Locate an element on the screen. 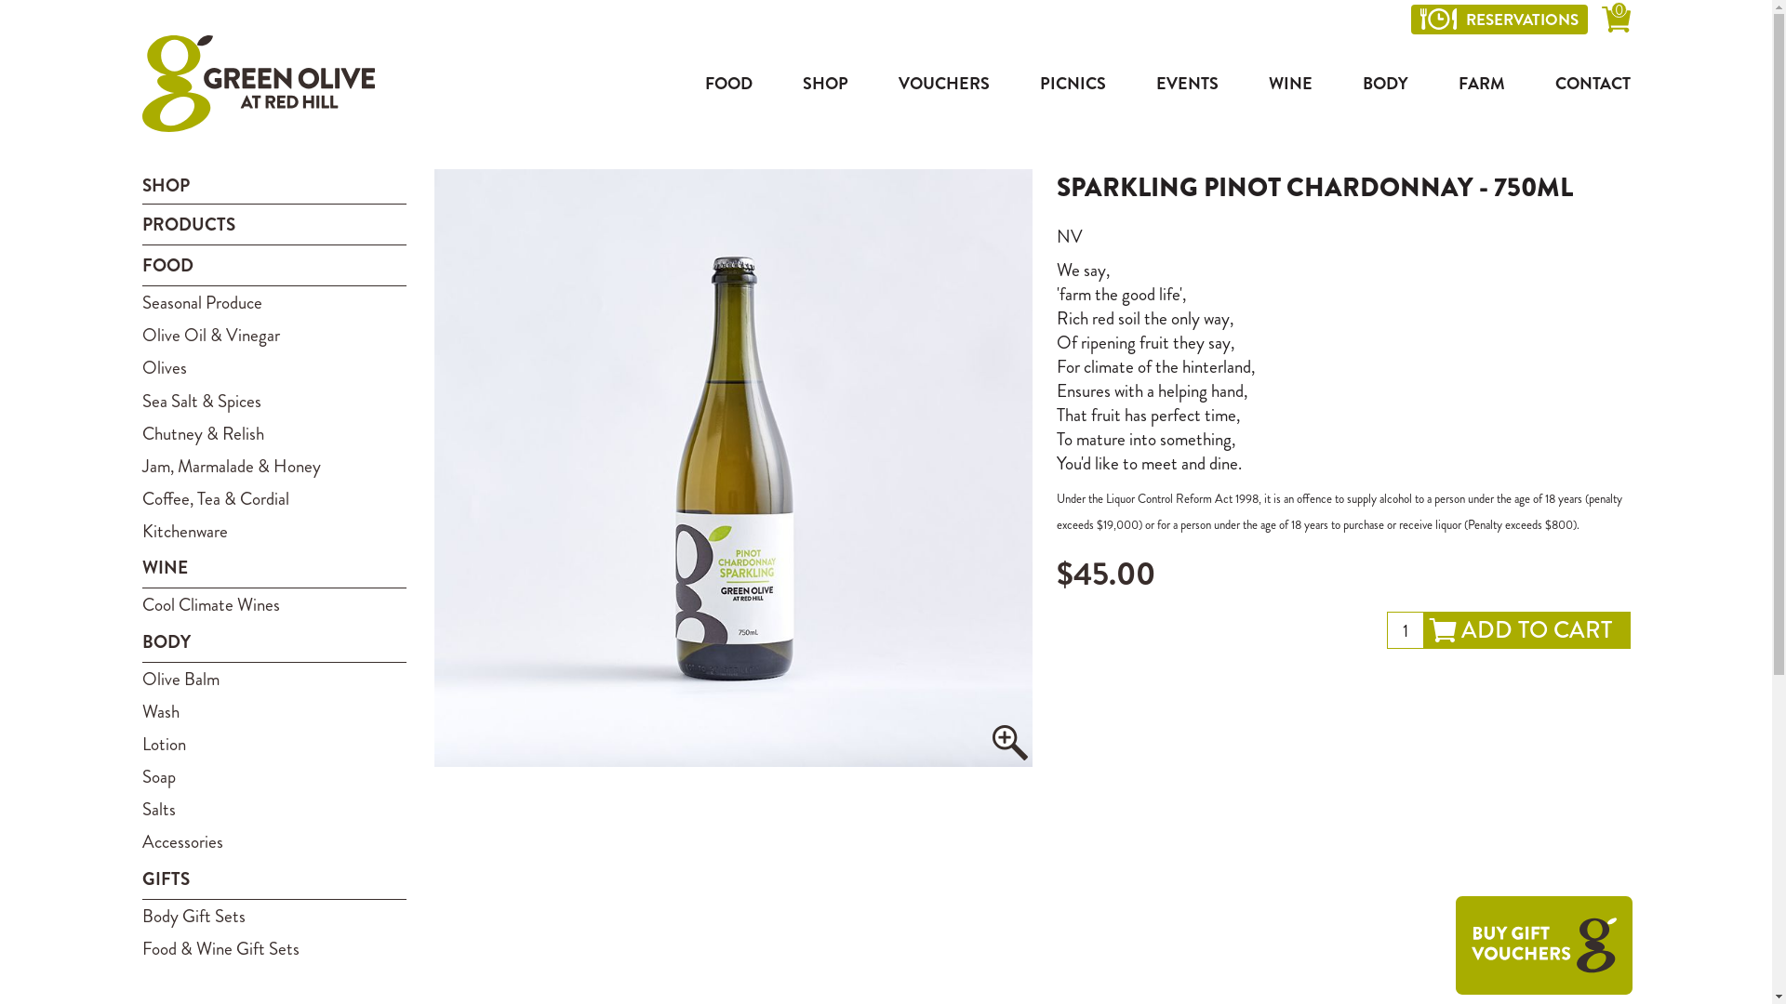  'Seasonal Produce' is located at coordinates (273, 301).